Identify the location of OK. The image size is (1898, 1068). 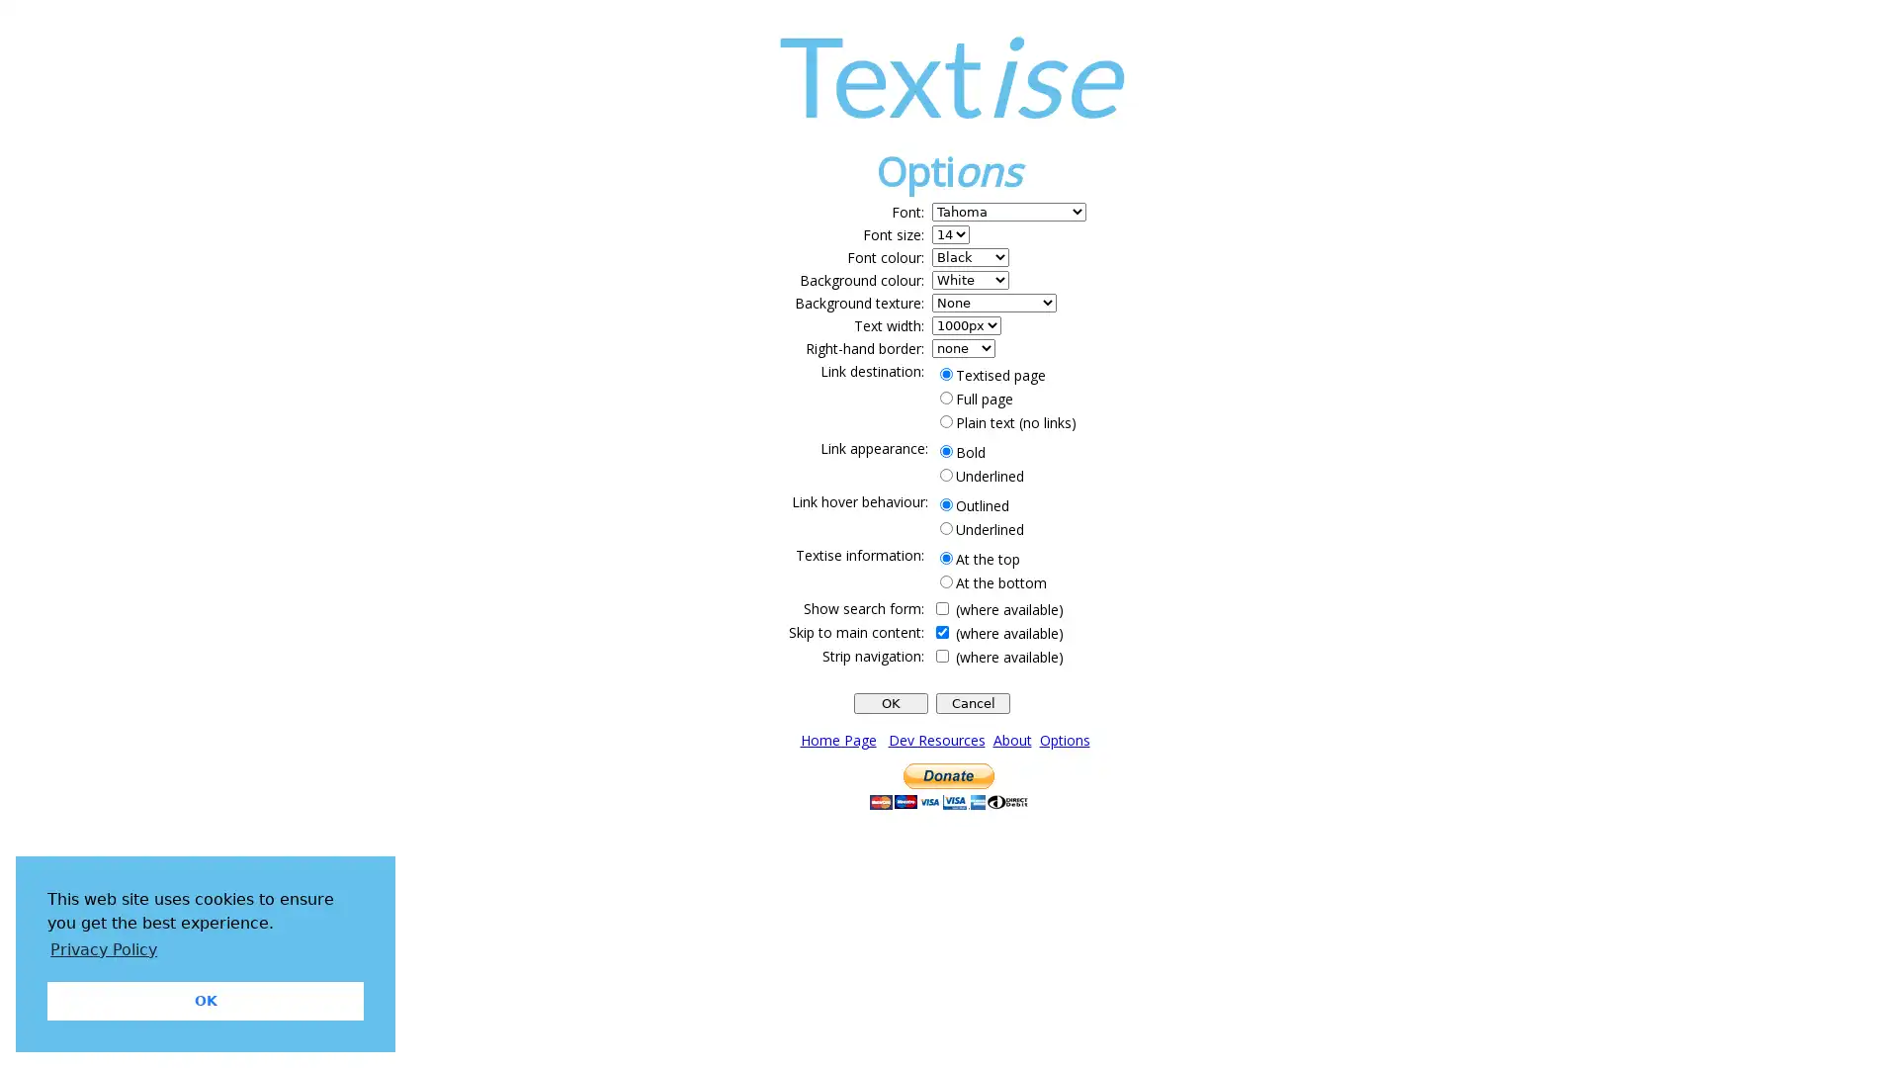
(890, 702).